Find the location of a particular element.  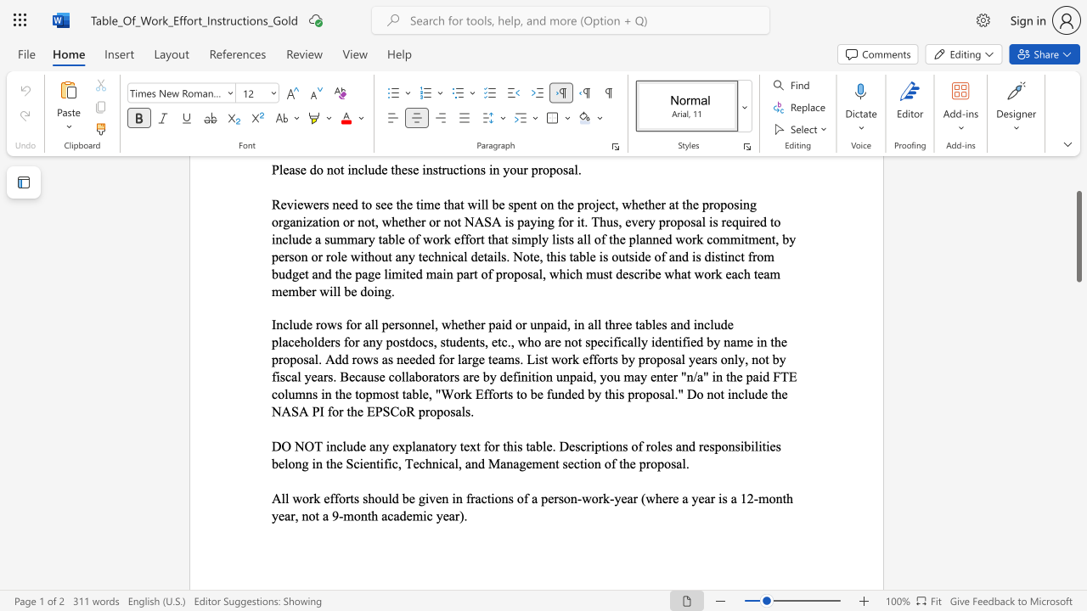

the scrollbar and move up 120 pixels is located at coordinates (1078, 237).